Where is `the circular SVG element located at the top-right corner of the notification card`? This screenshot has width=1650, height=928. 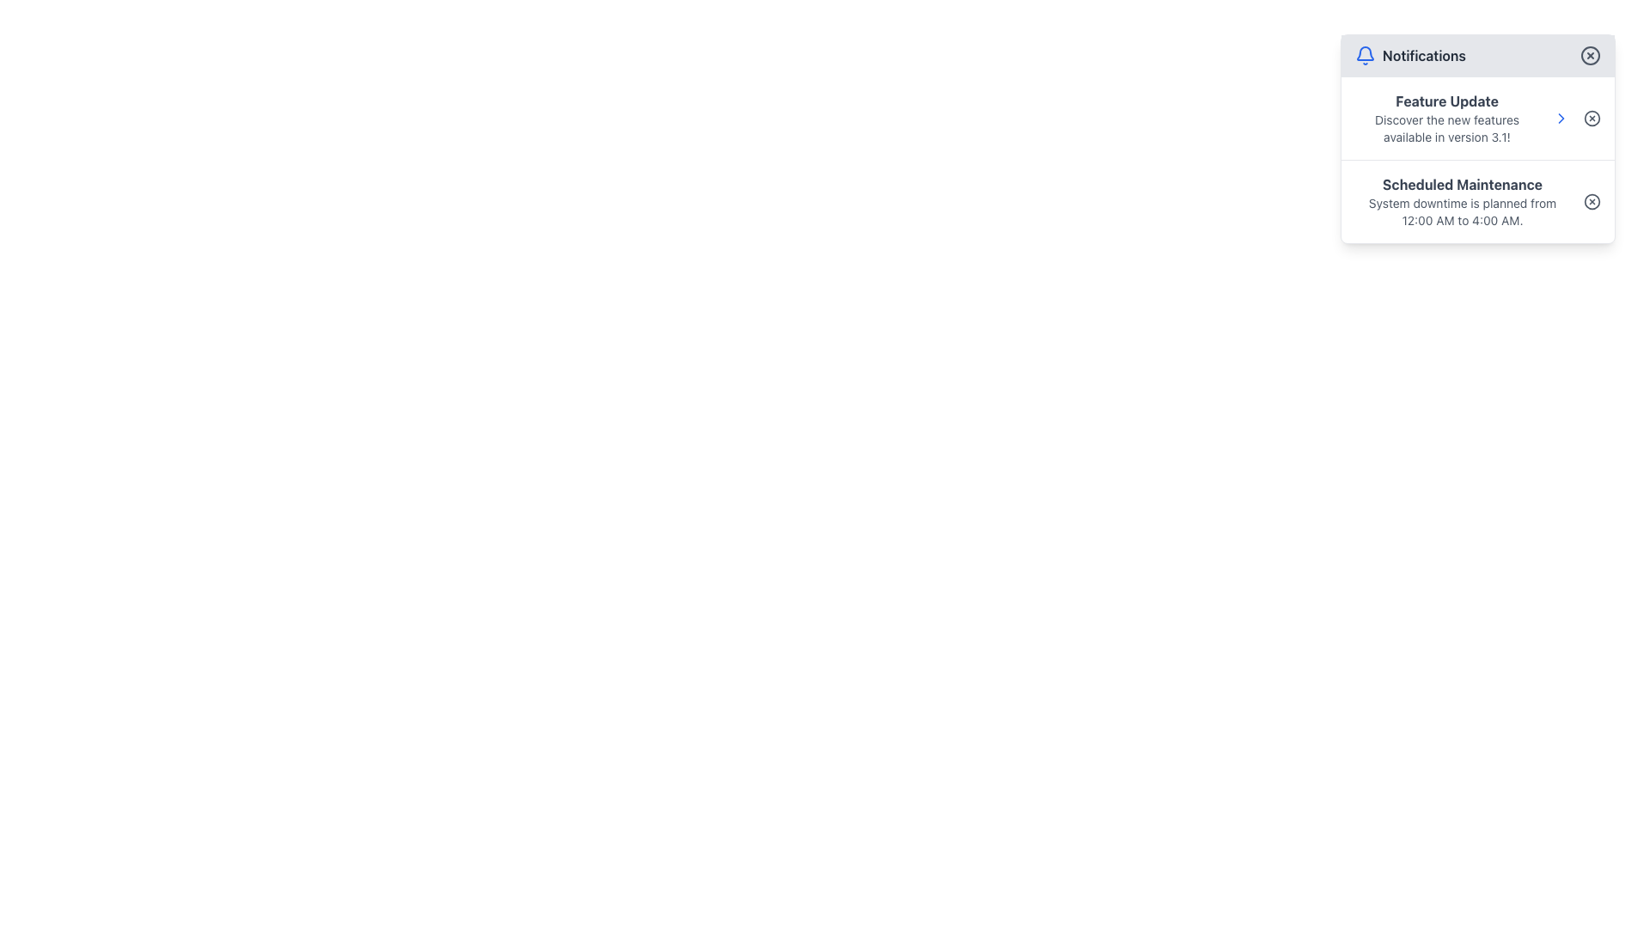 the circular SVG element located at the top-right corner of the notification card is located at coordinates (1591, 118).